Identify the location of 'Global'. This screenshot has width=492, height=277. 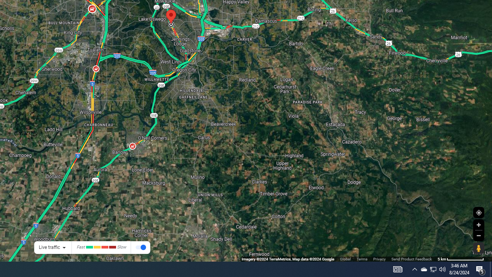
(345, 259).